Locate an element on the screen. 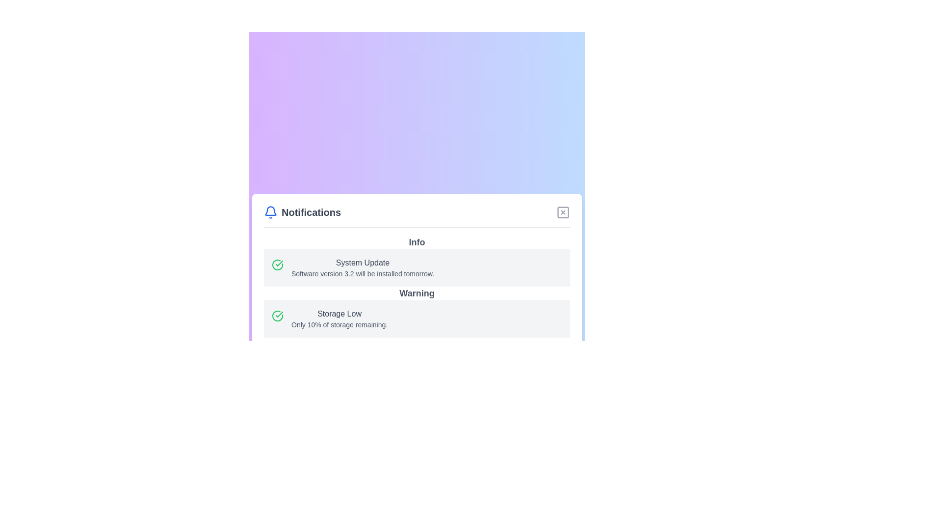  the green checkmark icon with a circular border located in the notification panel is located at coordinates (277, 316).